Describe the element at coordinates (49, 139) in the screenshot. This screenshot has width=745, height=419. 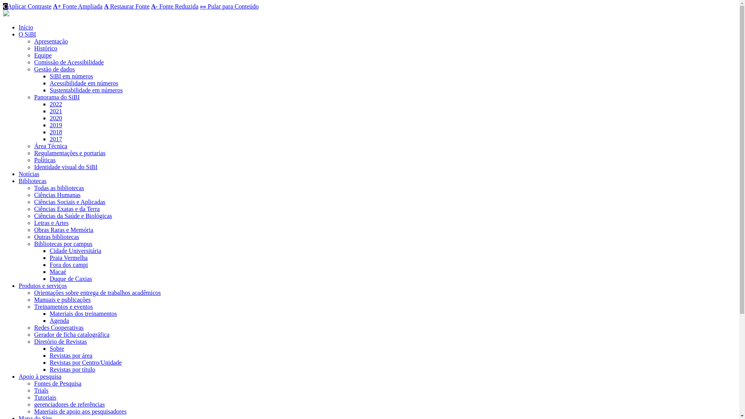
I see `'2017'` at that location.